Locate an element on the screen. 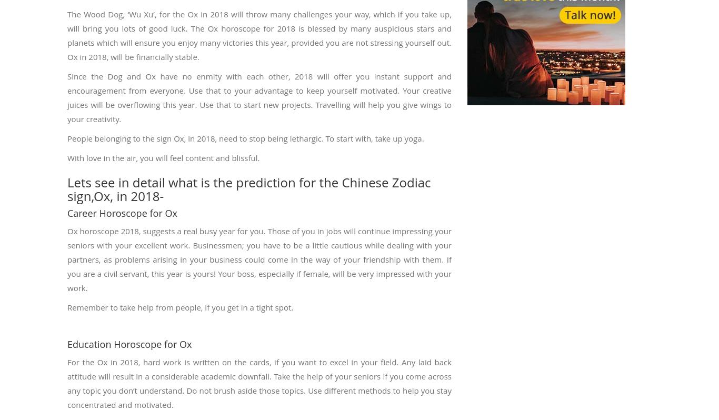 This screenshot has height=420, width=719. 'Remember to take help from people, if you get in a tight spot.' is located at coordinates (180, 306).